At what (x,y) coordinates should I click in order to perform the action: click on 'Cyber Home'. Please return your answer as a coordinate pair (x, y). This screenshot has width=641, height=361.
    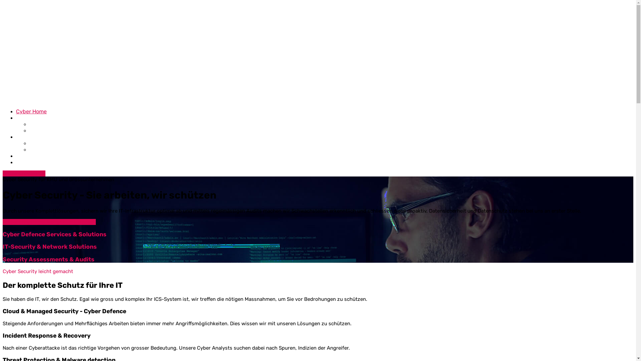
    Looking at the image, I should click on (31, 111).